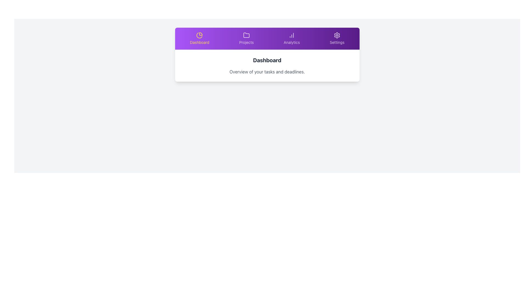 The height and width of the screenshot is (296, 527). I want to click on the 'Settings' navigational button, so click(337, 38).